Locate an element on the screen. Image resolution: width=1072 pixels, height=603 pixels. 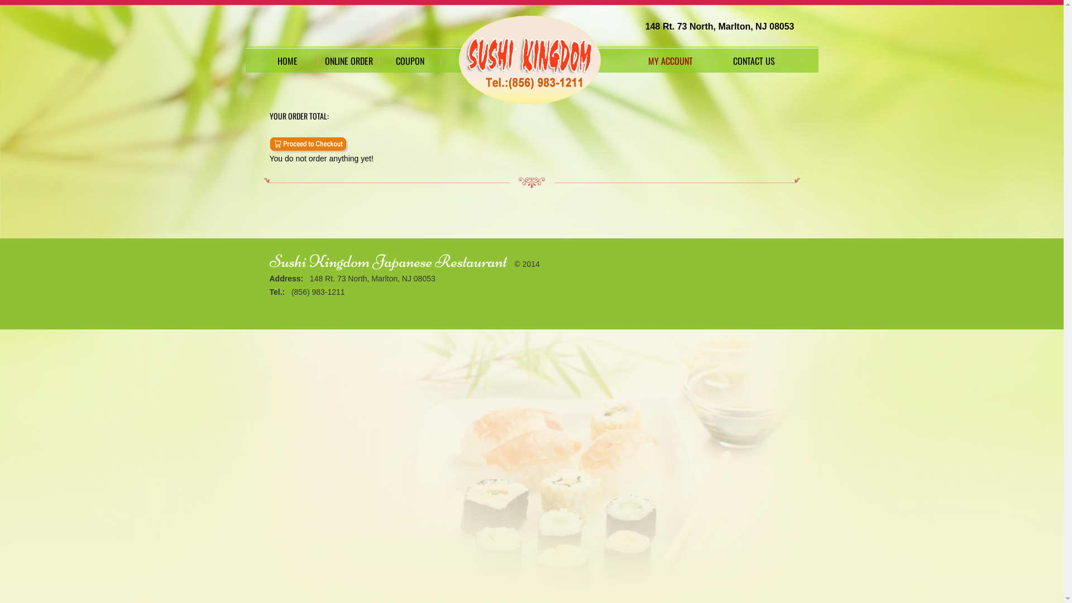
'HOME' is located at coordinates (256, 60).